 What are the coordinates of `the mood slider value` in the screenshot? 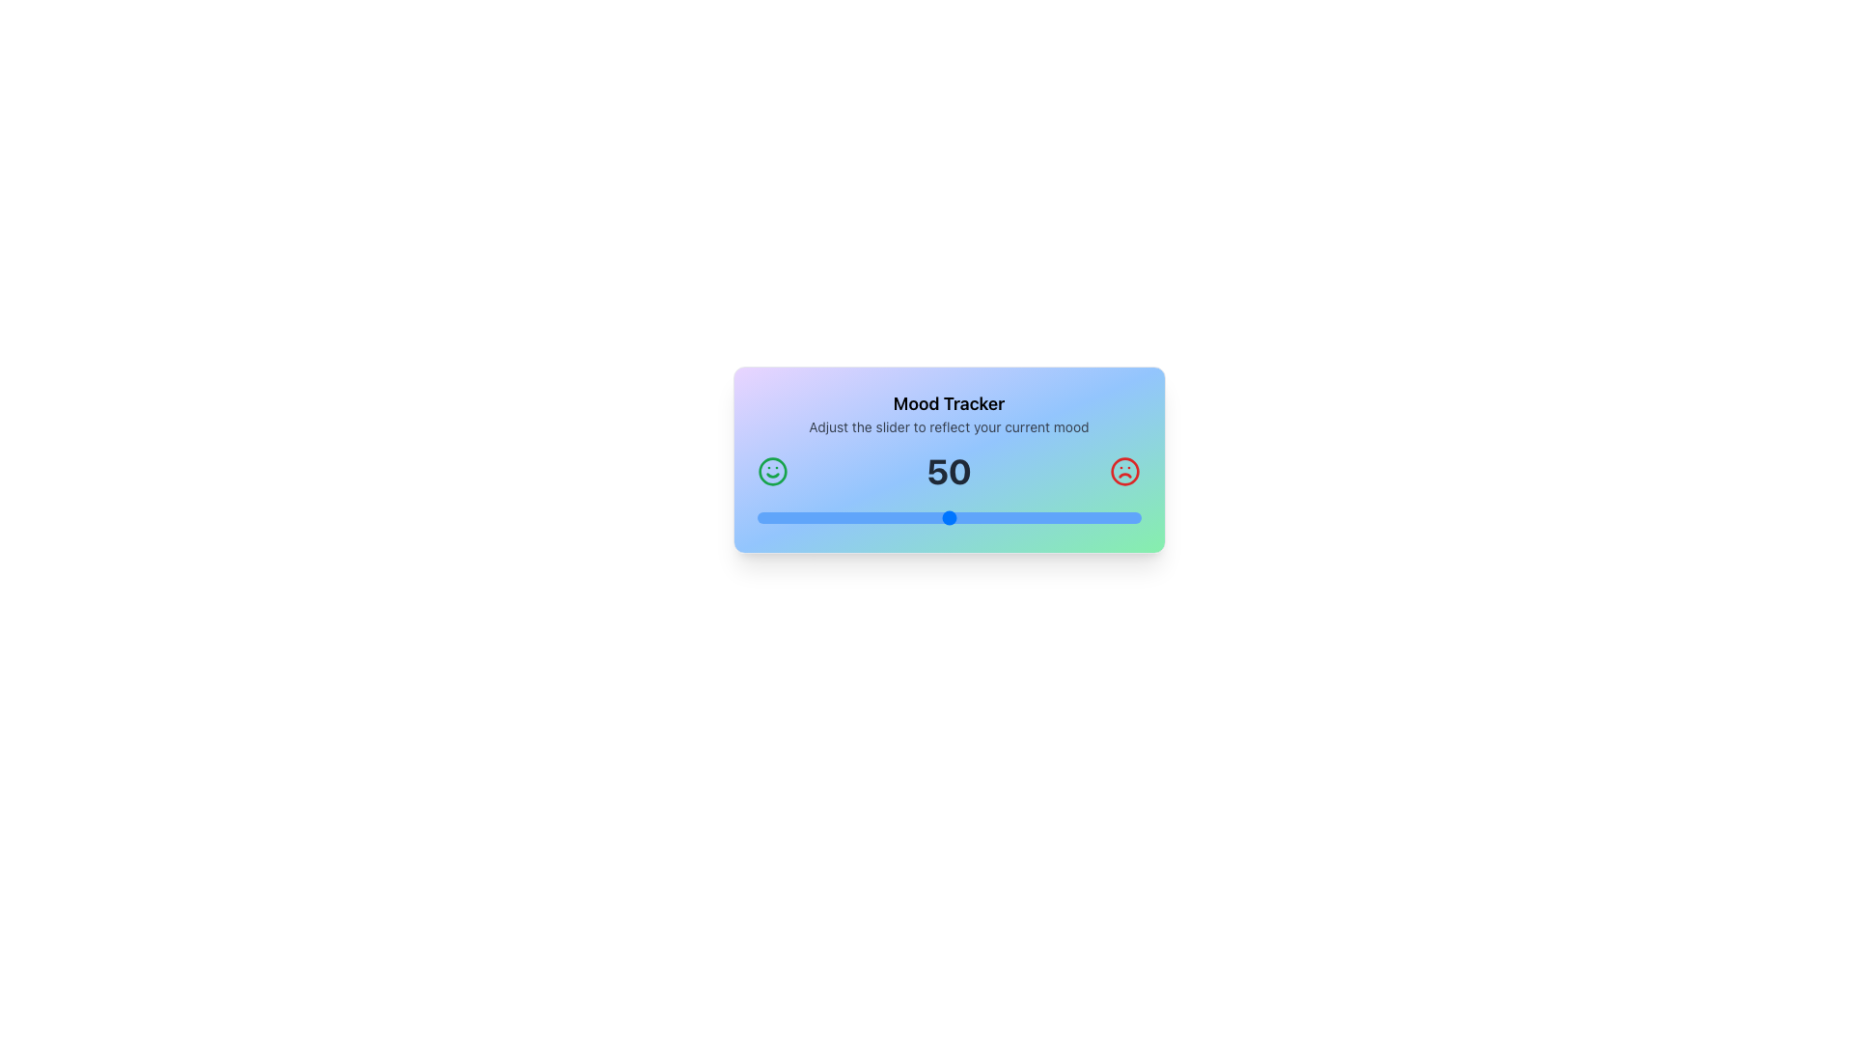 It's located at (822, 516).